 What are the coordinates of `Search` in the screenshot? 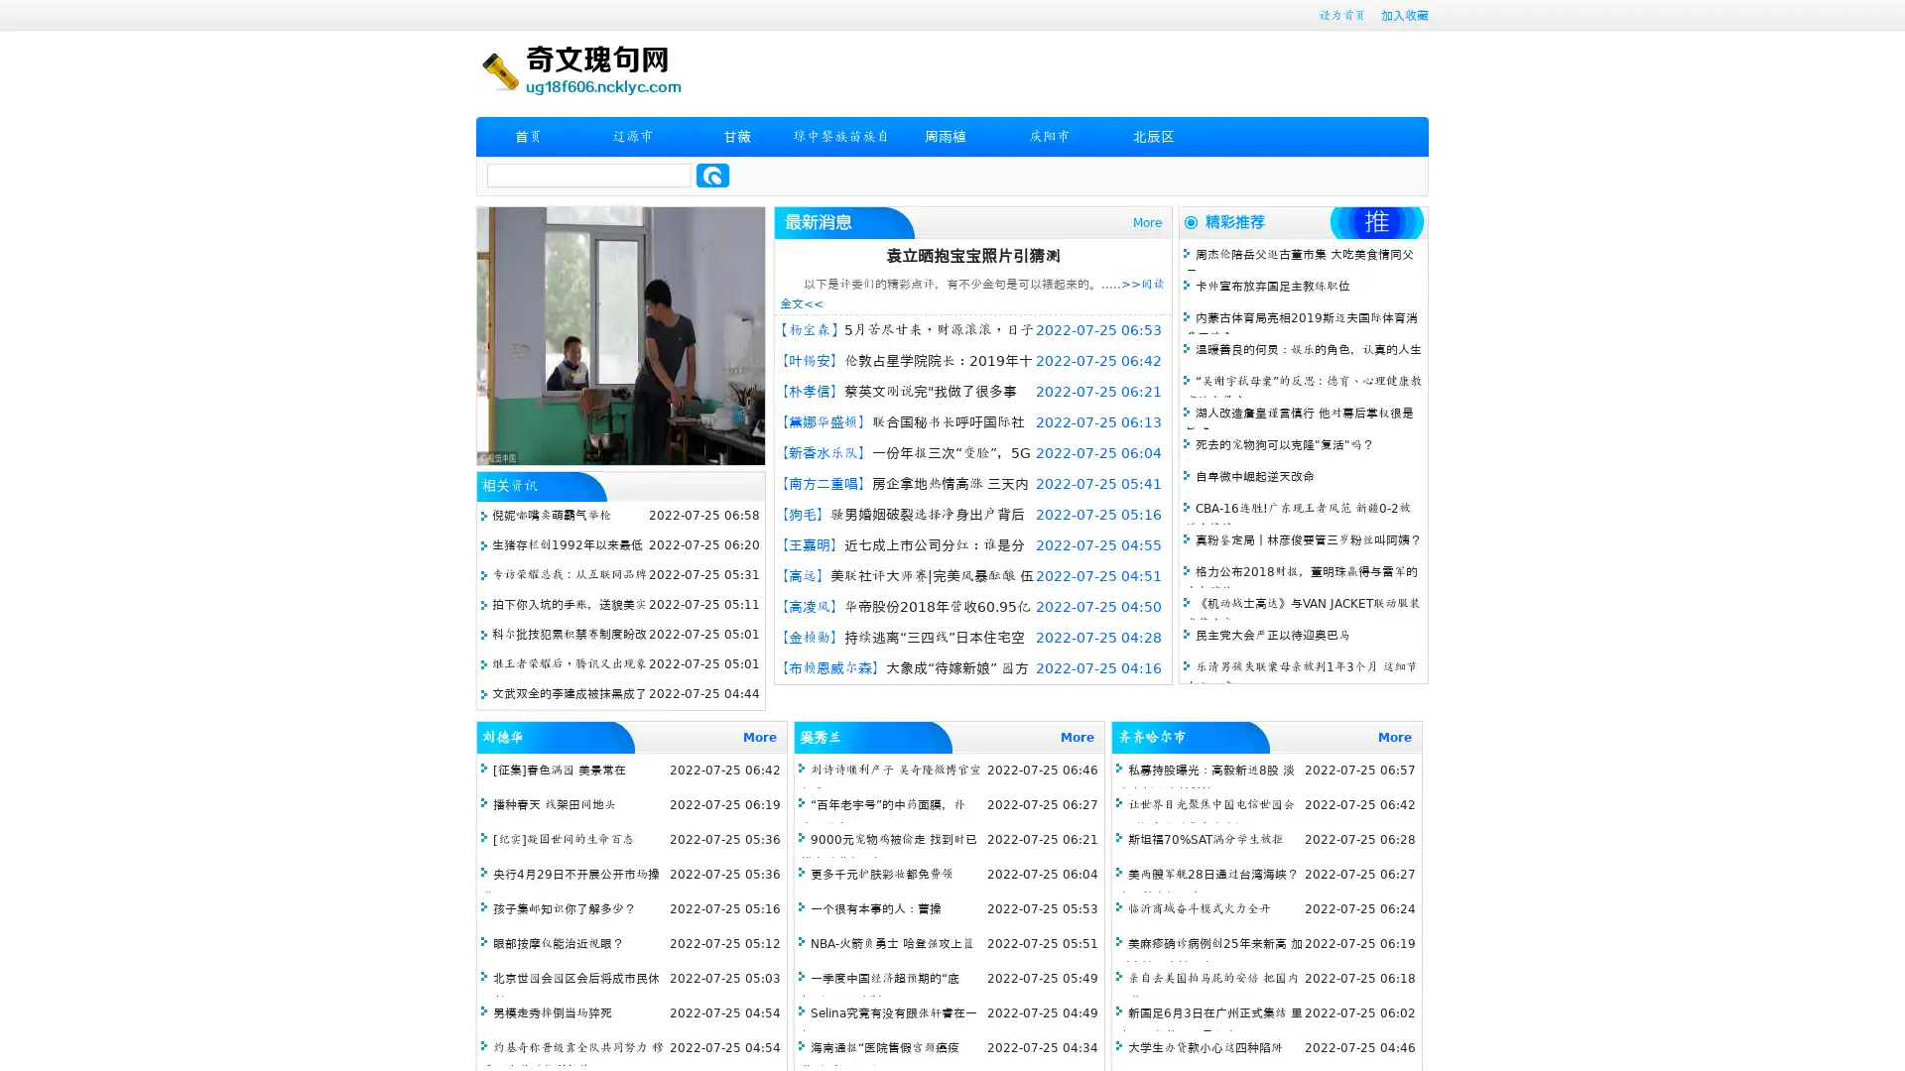 It's located at (712, 175).